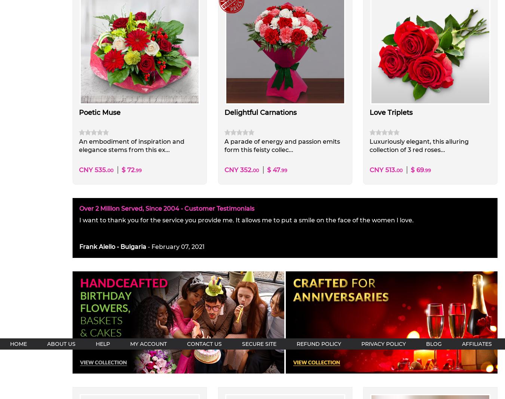 The image size is (505, 399). What do you see at coordinates (425, 344) in the screenshot?
I see `'BLOG'` at bounding box center [425, 344].